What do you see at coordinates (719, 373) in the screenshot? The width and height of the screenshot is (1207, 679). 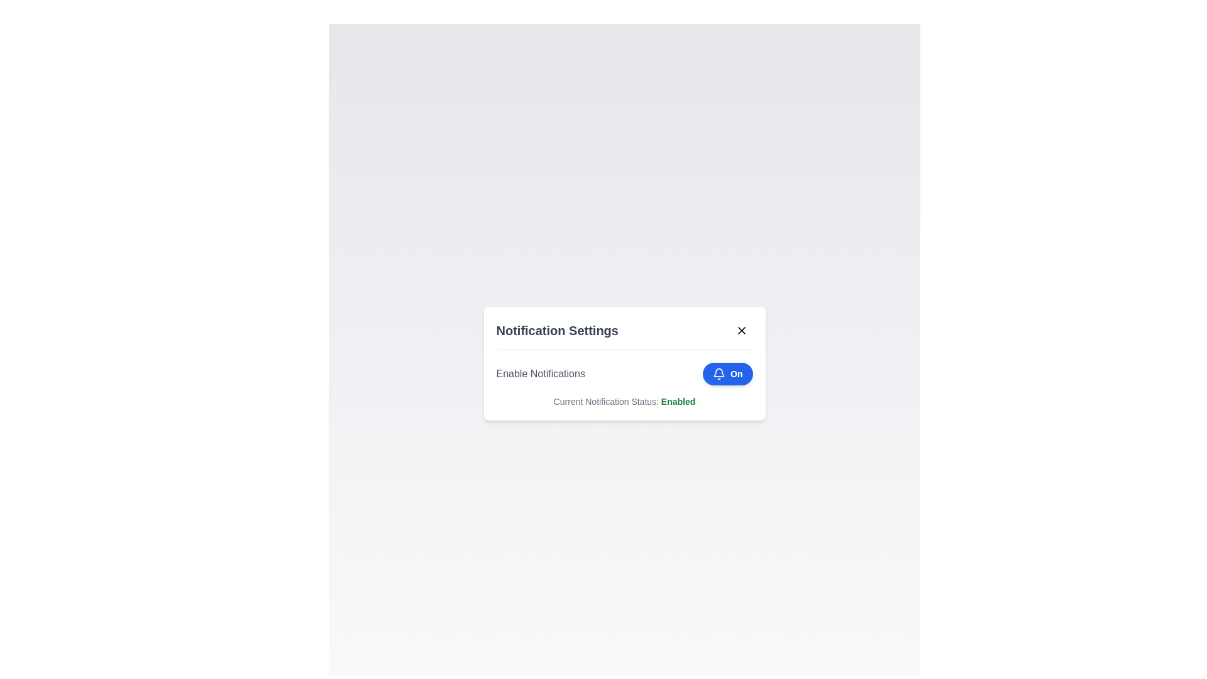 I see `the notification icon within the blue circular button labeled 'On', which is part of the 'Enable Notifications' toggle` at bounding box center [719, 373].